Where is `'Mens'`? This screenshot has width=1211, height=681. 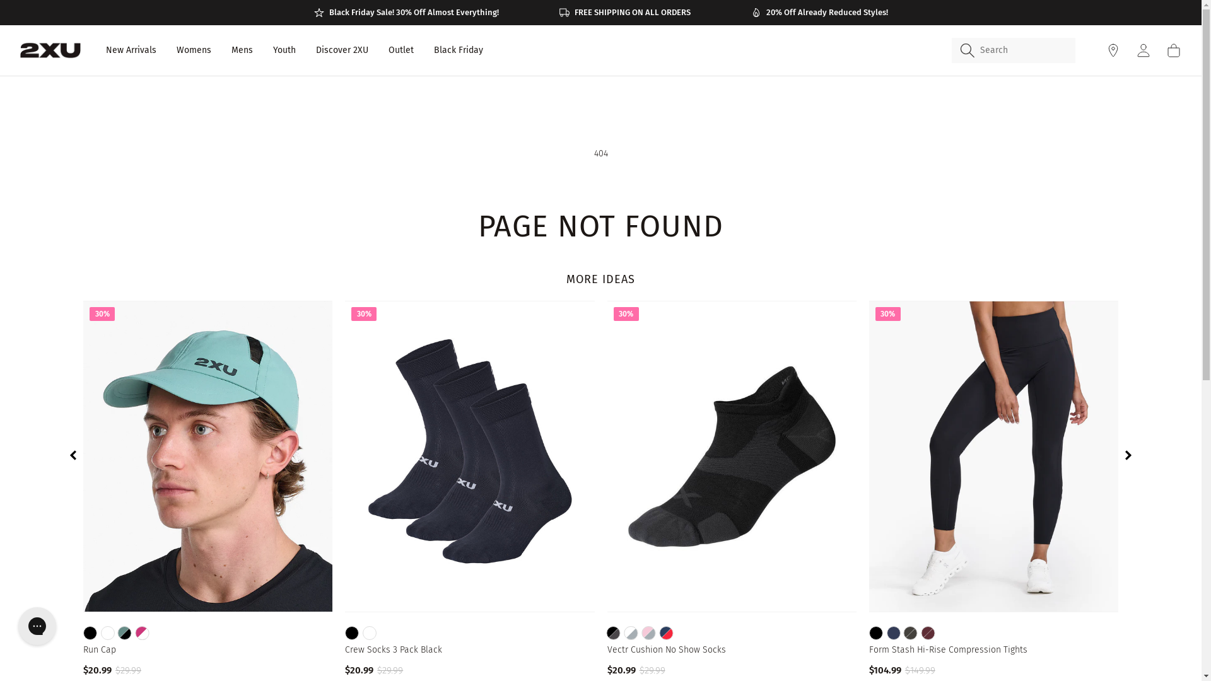 'Mens' is located at coordinates (242, 50).